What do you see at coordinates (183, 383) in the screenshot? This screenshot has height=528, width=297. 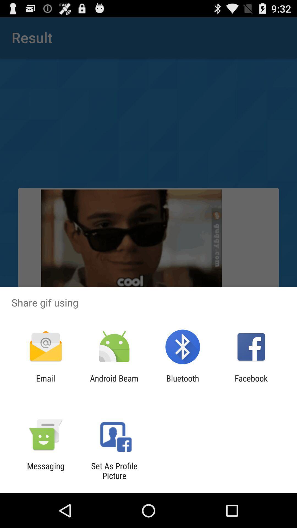 I see `item to the left of the facebook item` at bounding box center [183, 383].